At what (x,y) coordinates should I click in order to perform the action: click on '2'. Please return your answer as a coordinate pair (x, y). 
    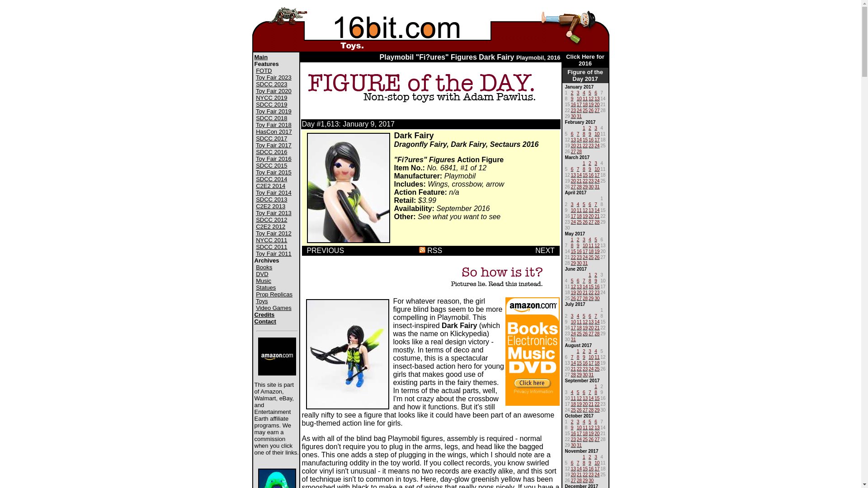
    Looking at the image, I should click on (572, 92).